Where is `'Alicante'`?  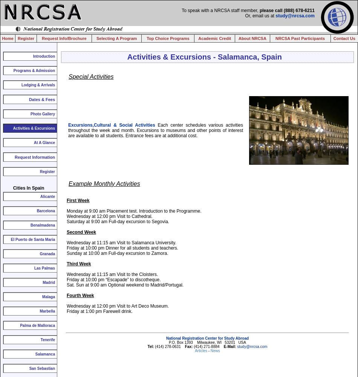 'Alicante' is located at coordinates (40, 196).